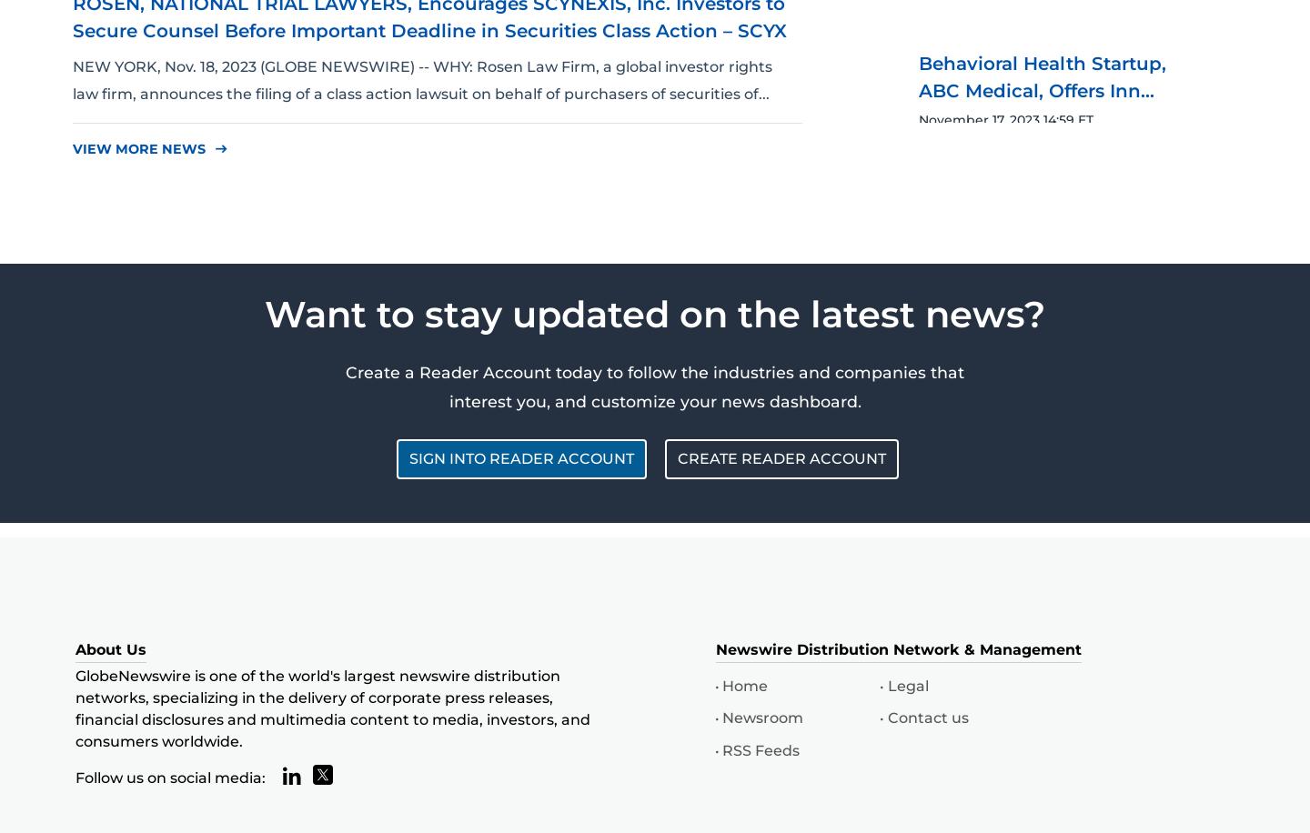  I want to click on 'RSS Feeds', so click(761, 749).